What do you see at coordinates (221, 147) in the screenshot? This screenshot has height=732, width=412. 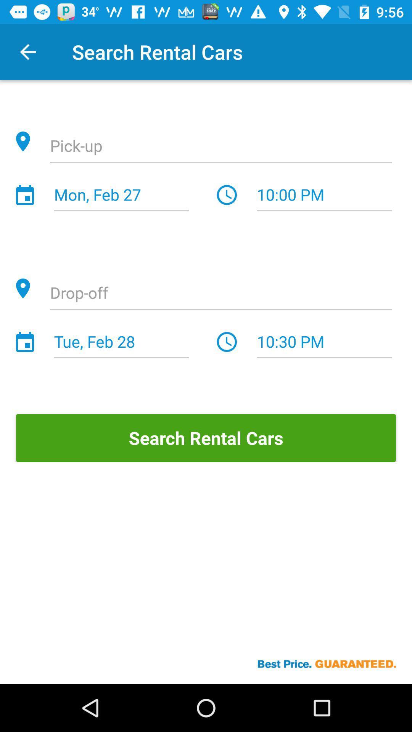 I see `icon above the mon, feb 27` at bounding box center [221, 147].